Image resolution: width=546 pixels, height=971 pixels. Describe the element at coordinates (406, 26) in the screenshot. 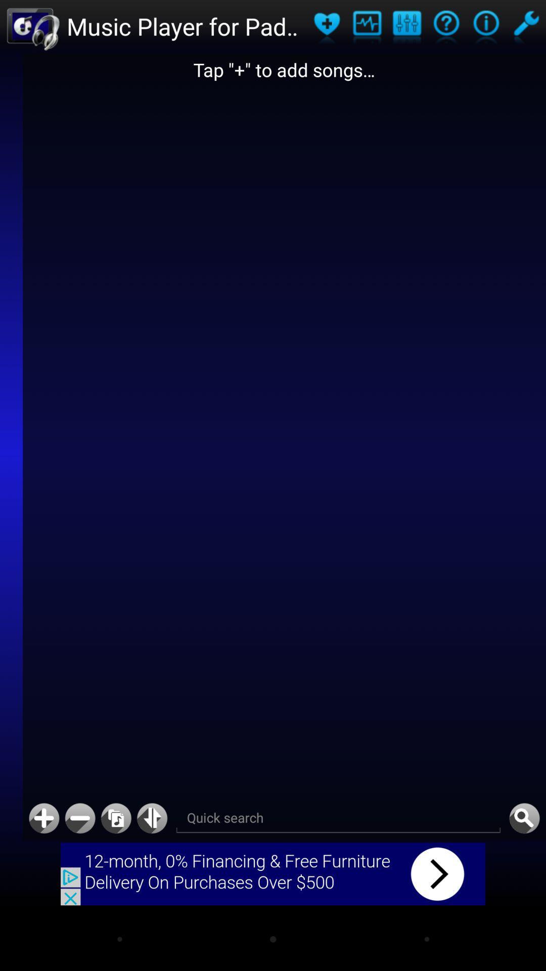

I see `adjust settings` at that location.